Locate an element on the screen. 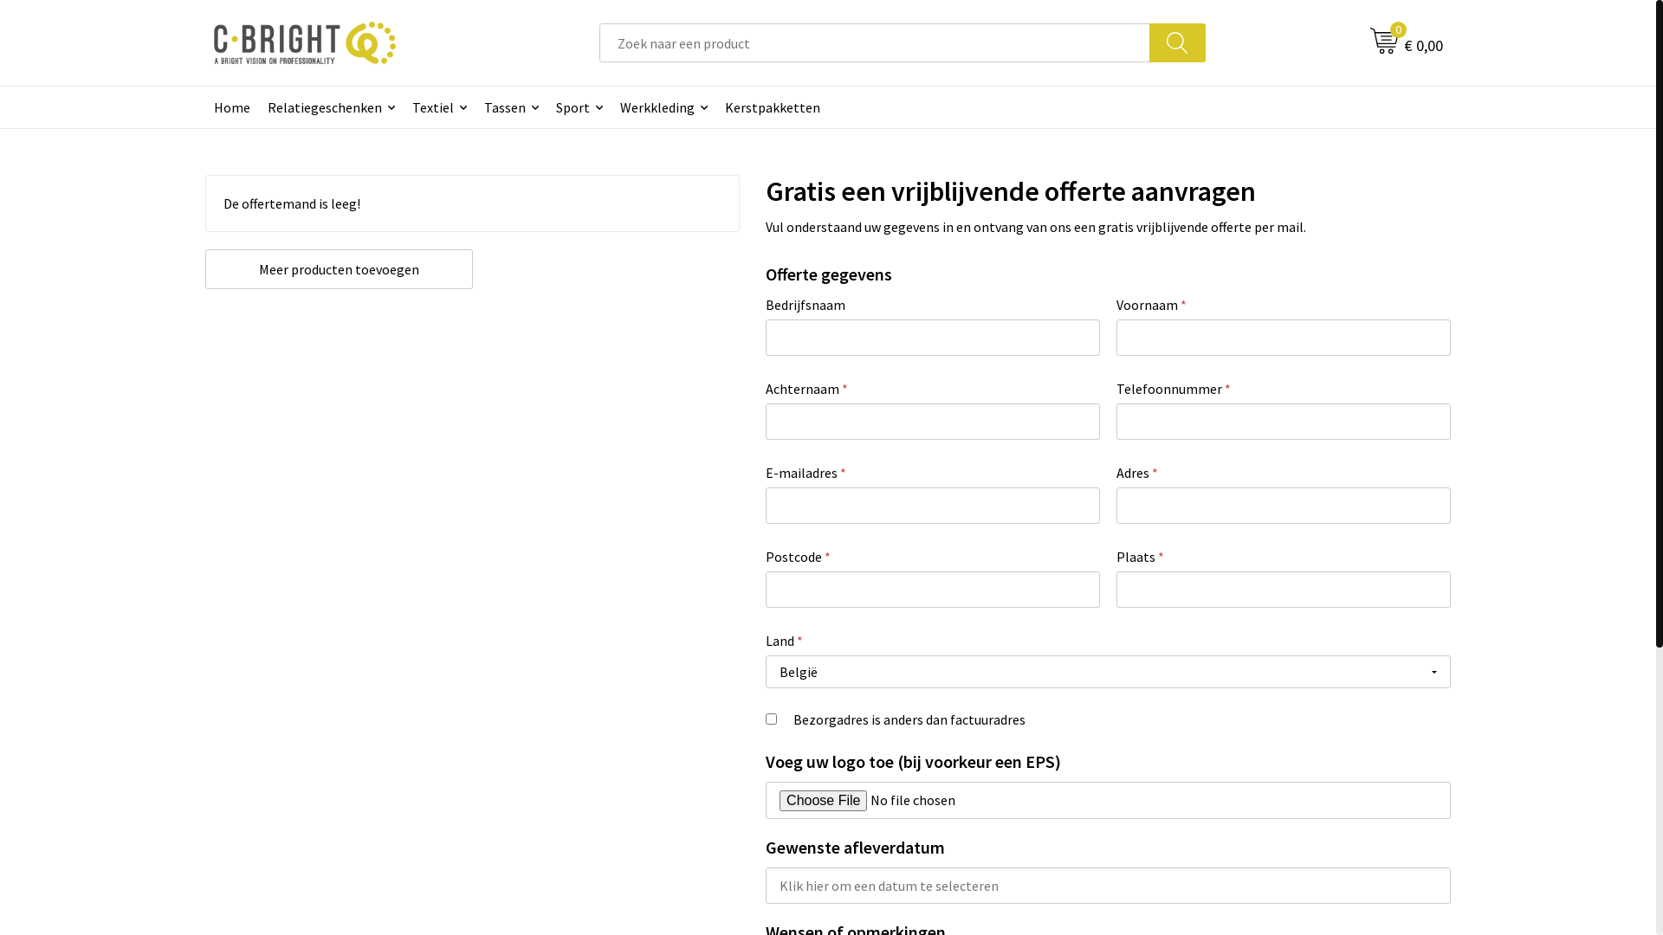  'Tassen' is located at coordinates (474, 106).